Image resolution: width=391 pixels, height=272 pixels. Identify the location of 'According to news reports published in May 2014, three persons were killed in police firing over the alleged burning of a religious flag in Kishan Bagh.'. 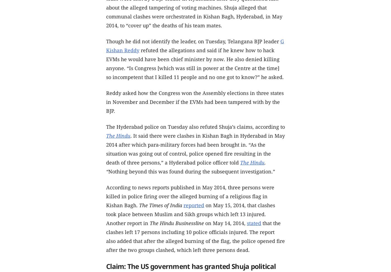
(106, 196).